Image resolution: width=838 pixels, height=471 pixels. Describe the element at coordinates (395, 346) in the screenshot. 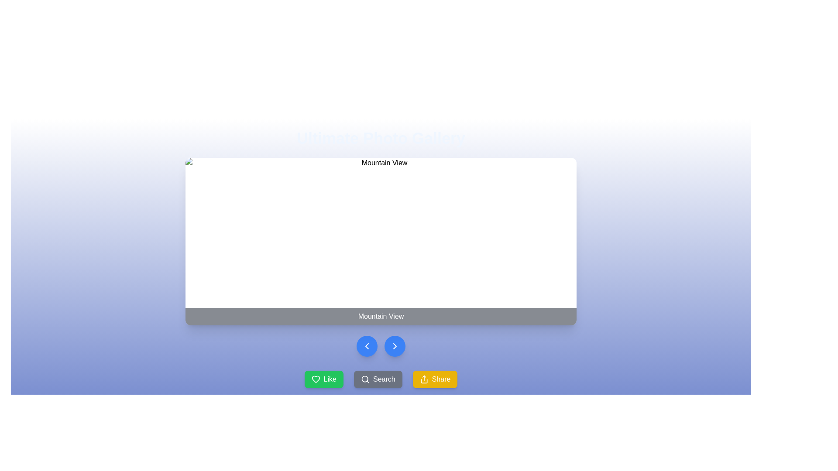

I see `the rightward-facing arrow icon, which serves as a navigation control to move to the next item or section in the sequence` at that location.